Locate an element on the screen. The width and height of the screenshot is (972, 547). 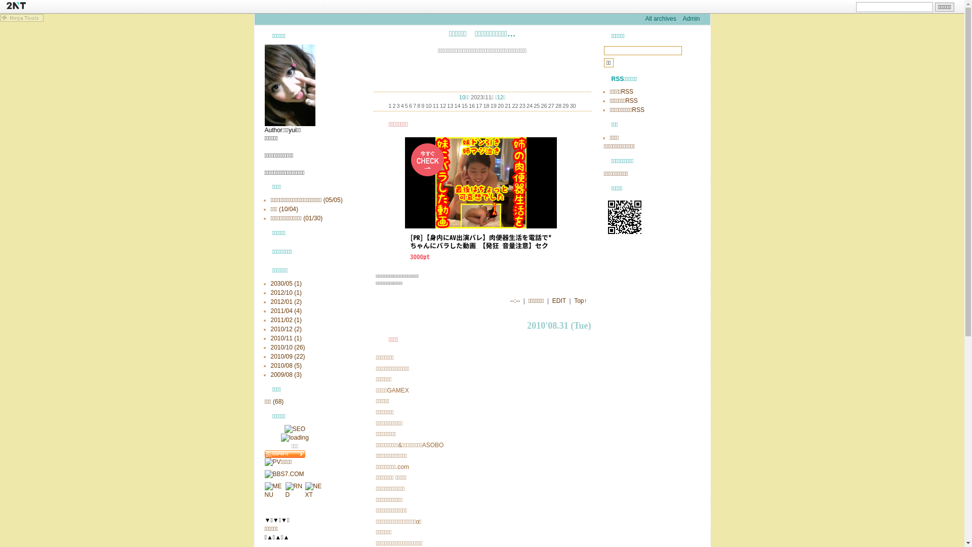
'2011/04 (4)' is located at coordinates (285, 310).